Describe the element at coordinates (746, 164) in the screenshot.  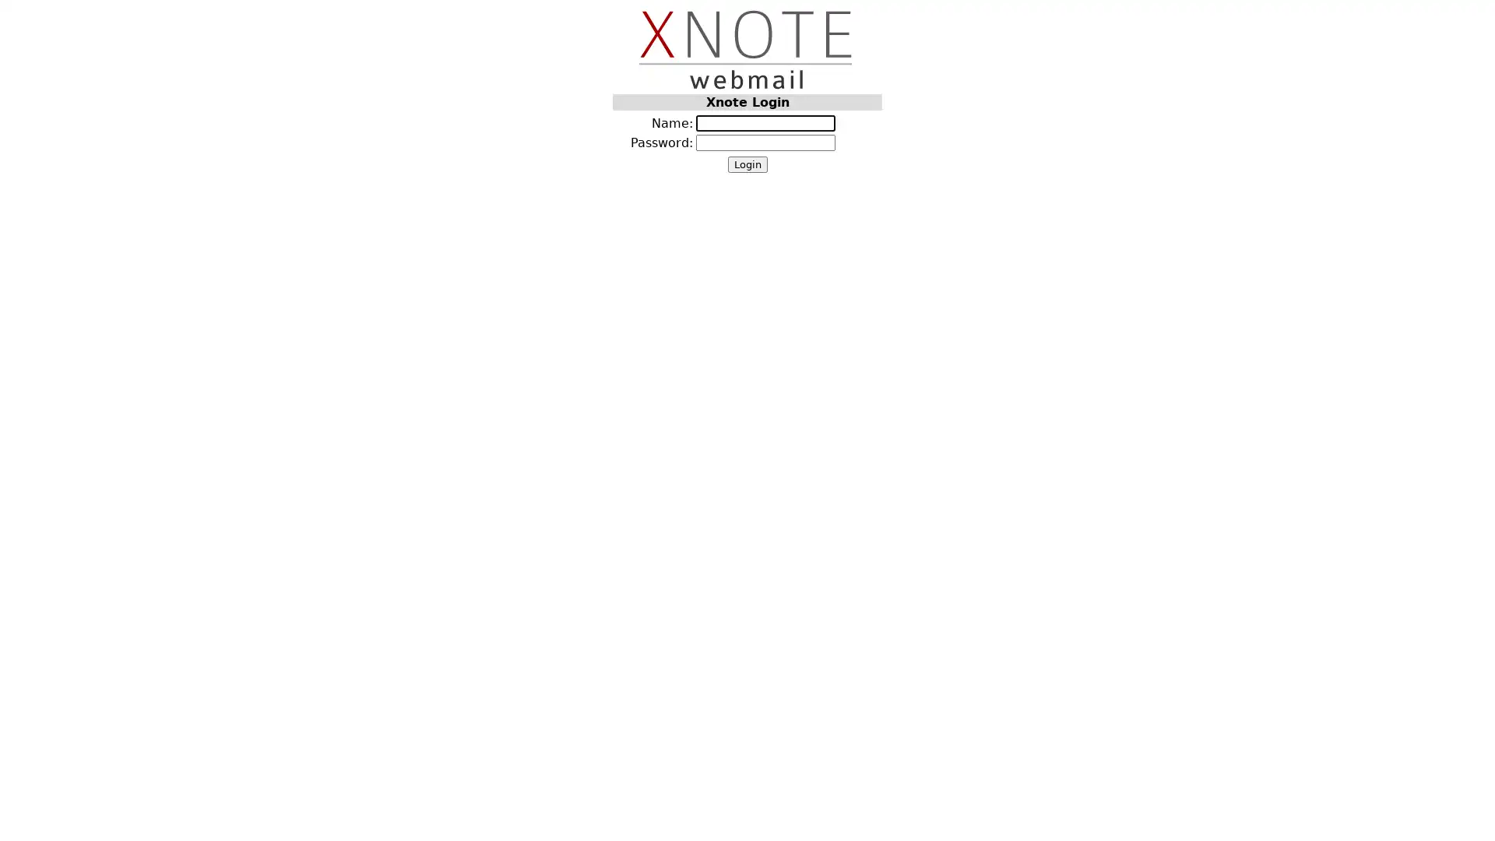
I see `Login` at that location.